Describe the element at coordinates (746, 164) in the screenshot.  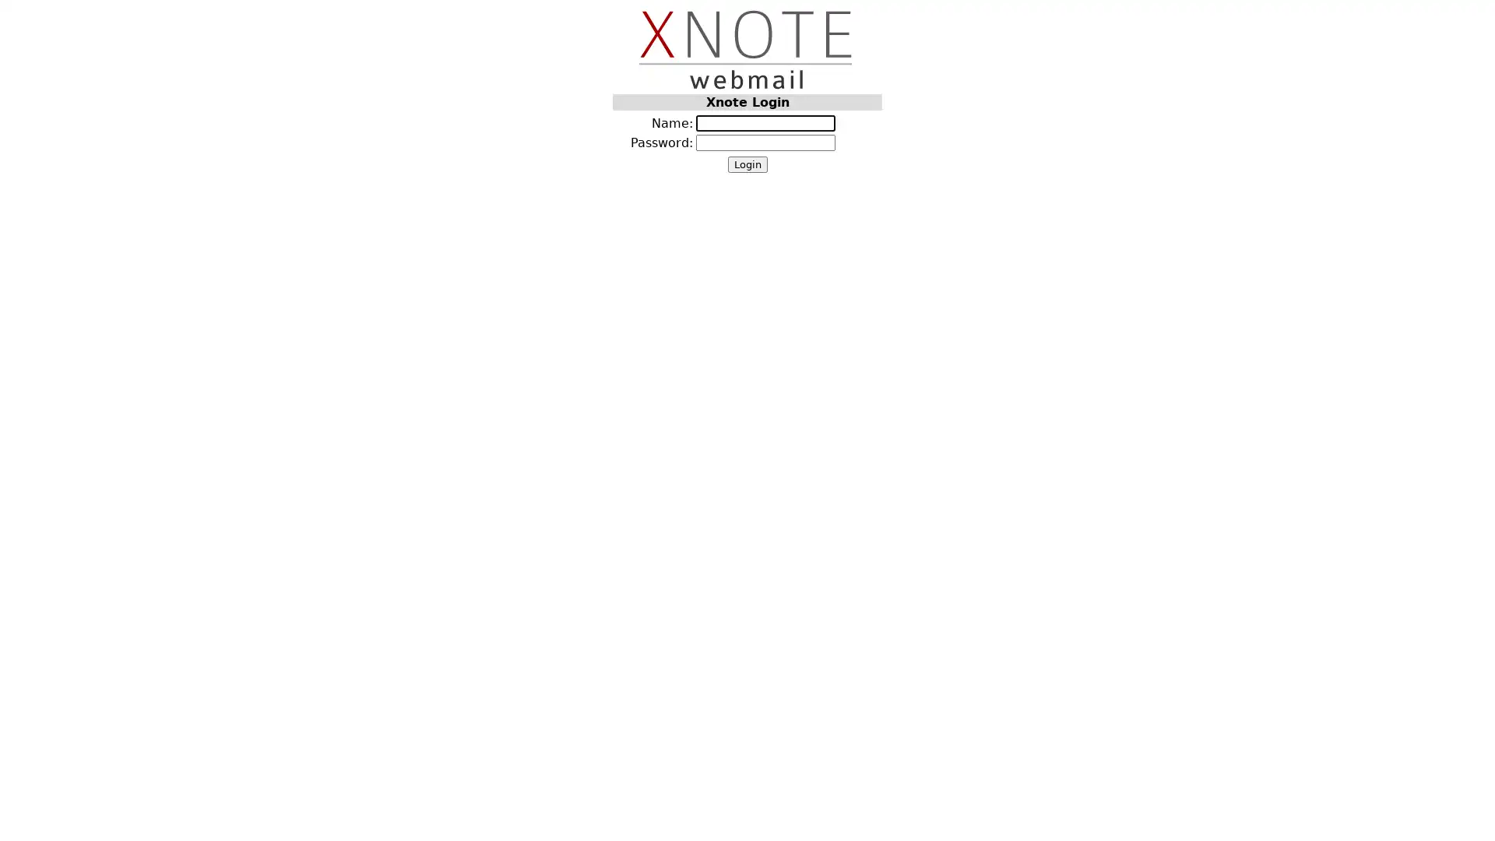
I see `Login` at that location.